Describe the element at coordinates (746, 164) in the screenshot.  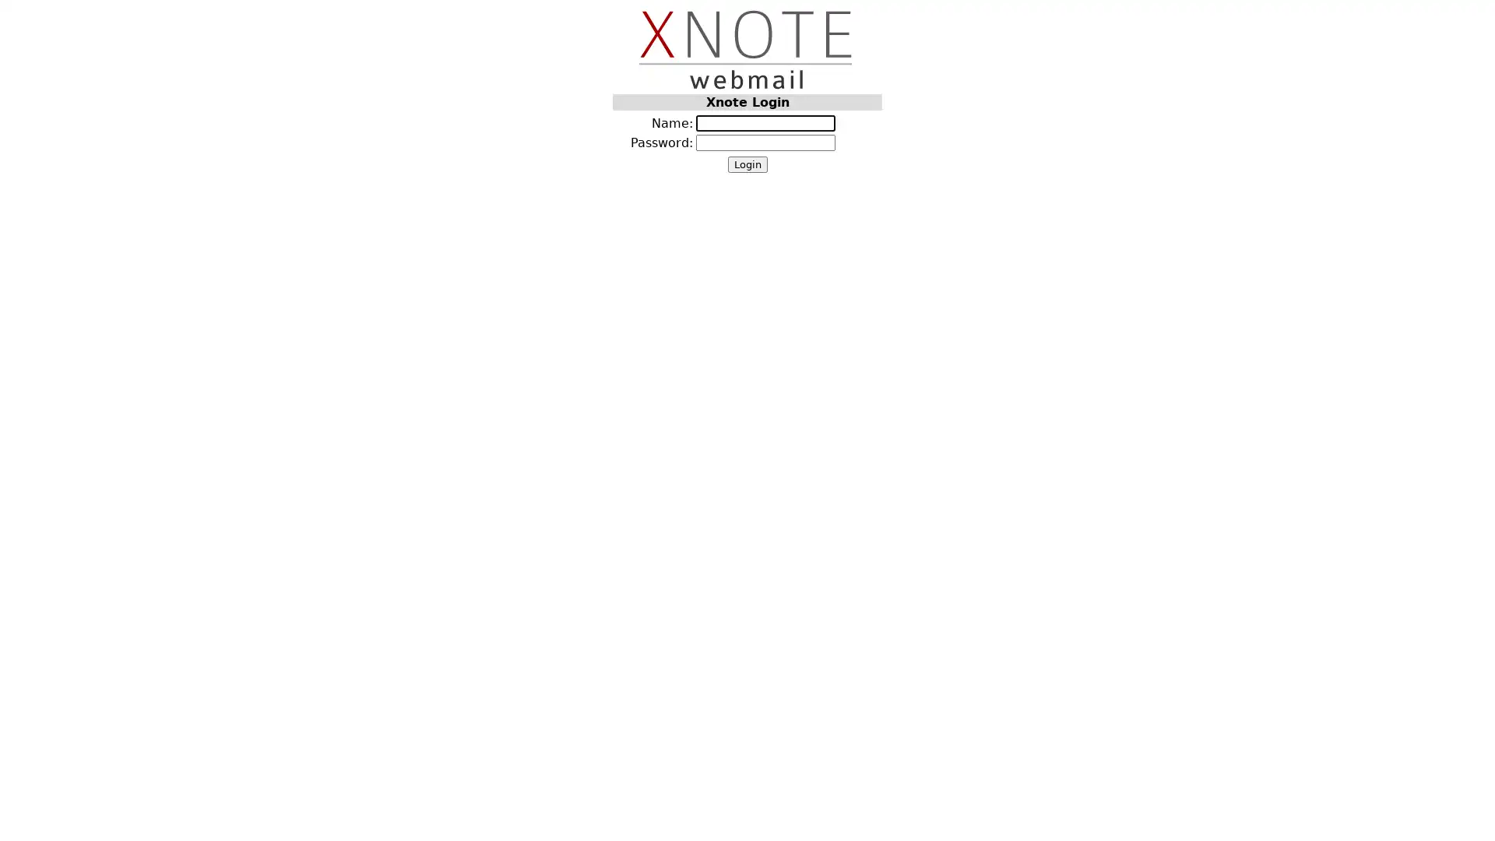
I see `Login` at that location.